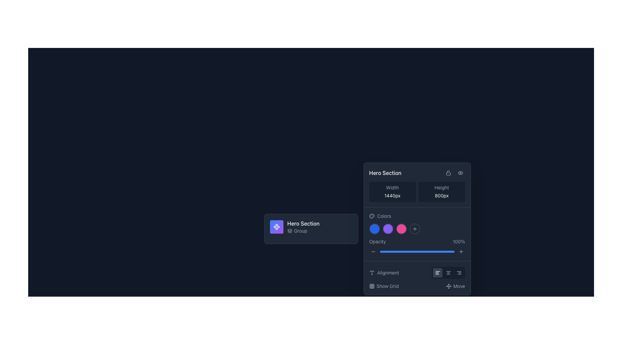  Describe the element at coordinates (448, 273) in the screenshot. I see `the second button in the alignment options group, which features centered horizontal alignment bars` at that location.